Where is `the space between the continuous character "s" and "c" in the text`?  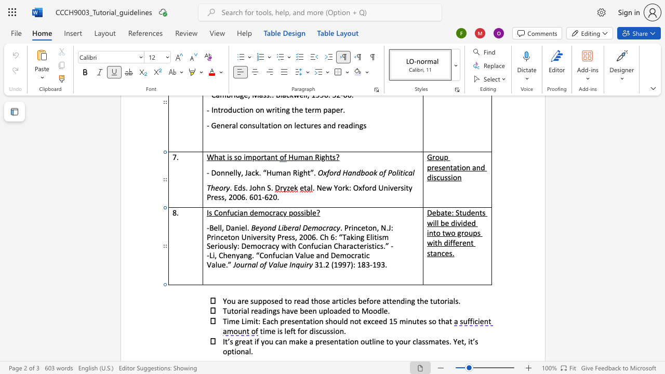
the space between the continuous character "s" and "c" in the text is located at coordinates (318, 331).